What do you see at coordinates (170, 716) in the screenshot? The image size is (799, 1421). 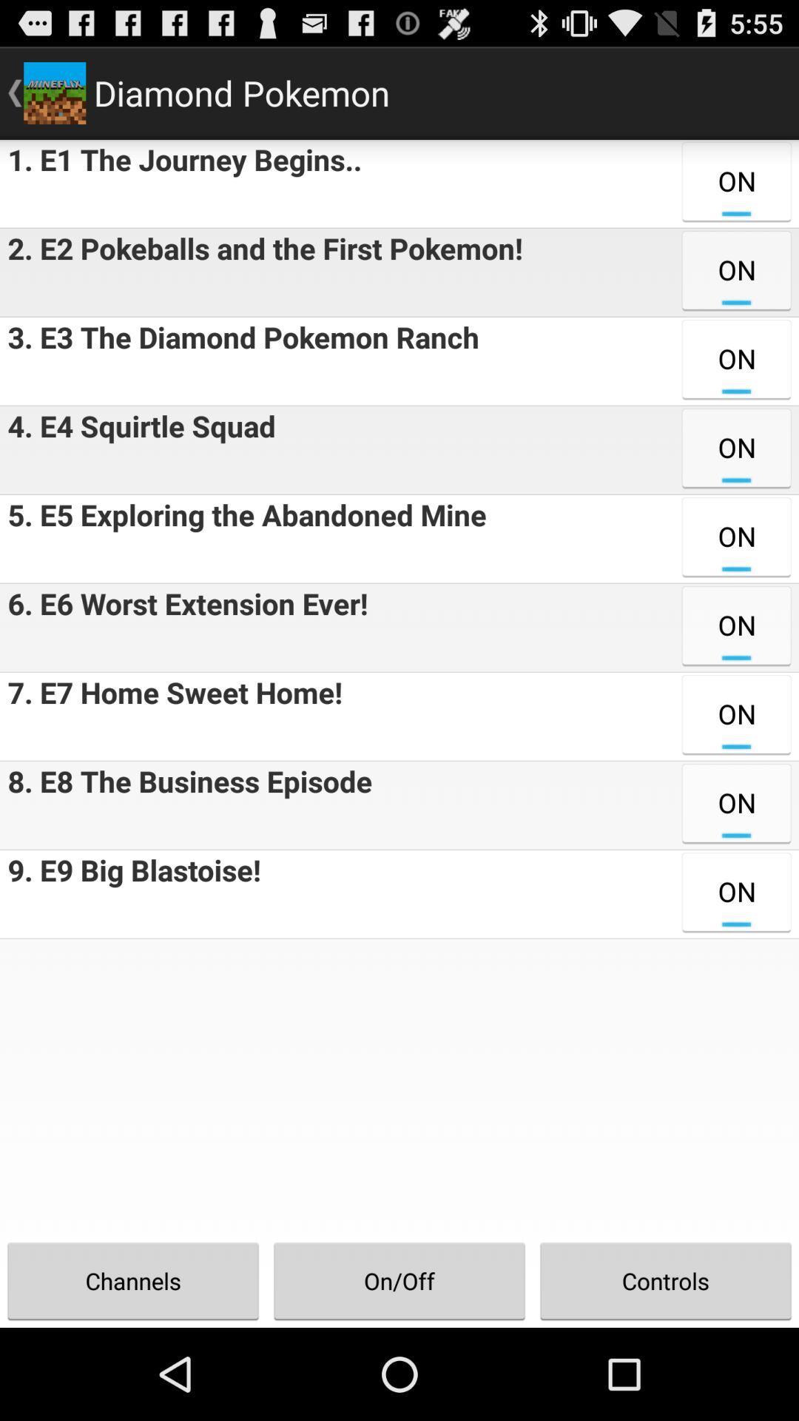 I see `icon above 8 e8 the icon` at bounding box center [170, 716].